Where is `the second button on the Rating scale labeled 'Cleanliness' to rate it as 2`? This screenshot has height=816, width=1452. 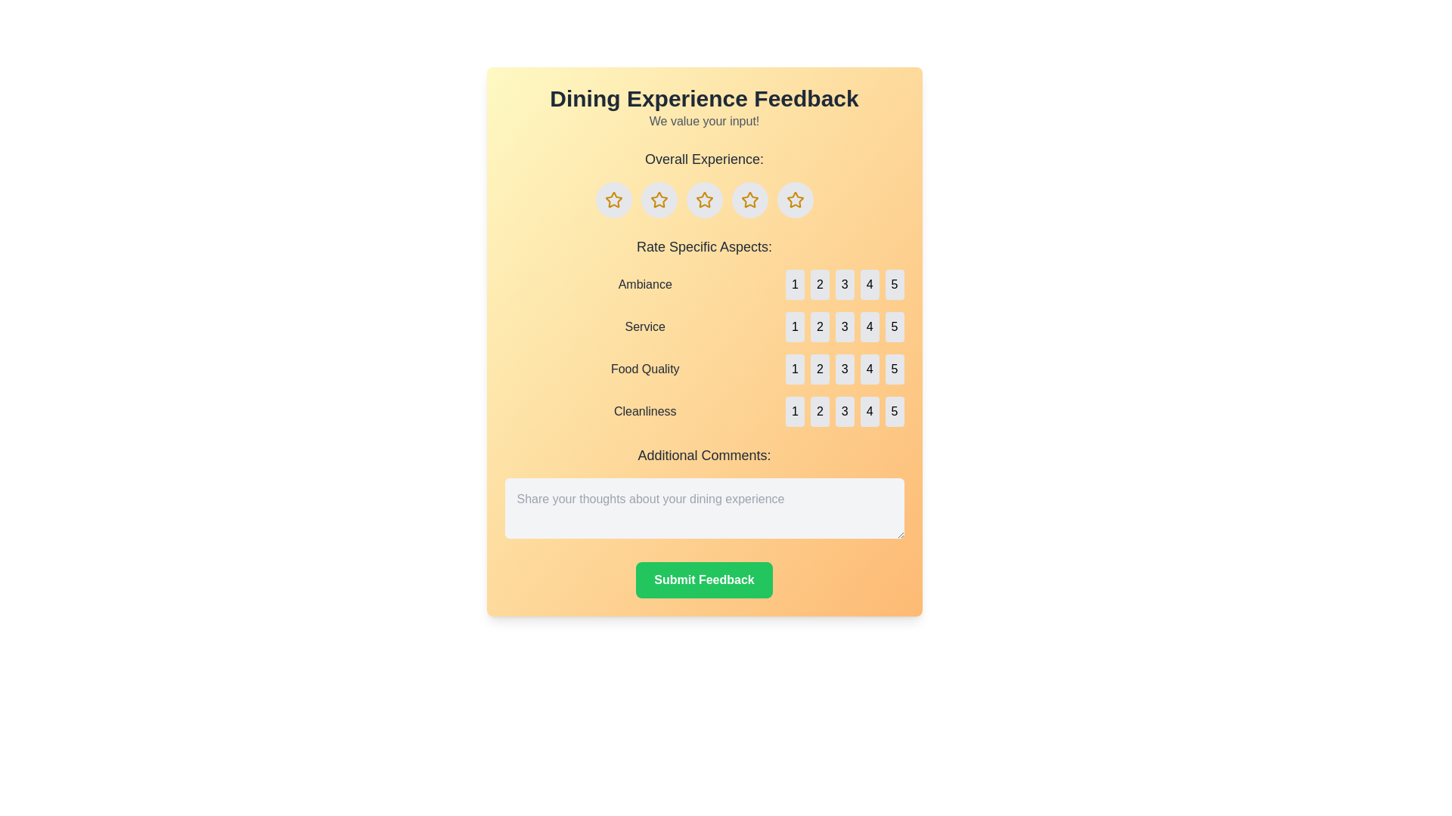 the second button on the Rating scale labeled 'Cleanliness' to rate it as 2 is located at coordinates (703, 411).